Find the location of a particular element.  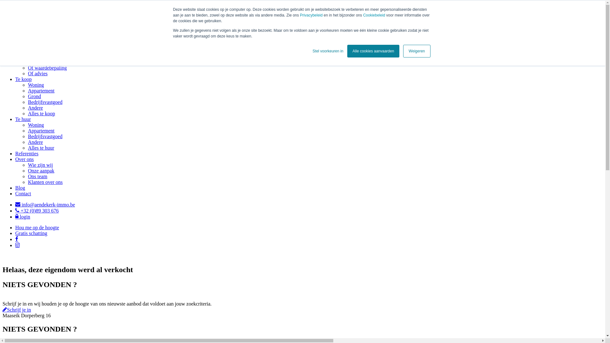

'login' is located at coordinates (23, 216).